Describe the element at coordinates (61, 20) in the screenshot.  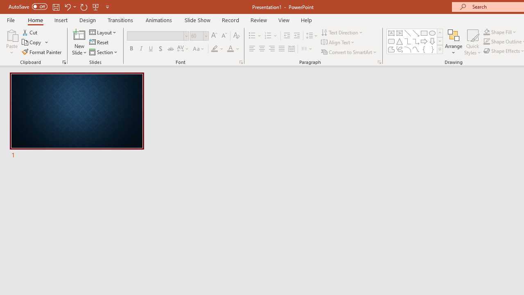
I see `'Insert'` at that location.